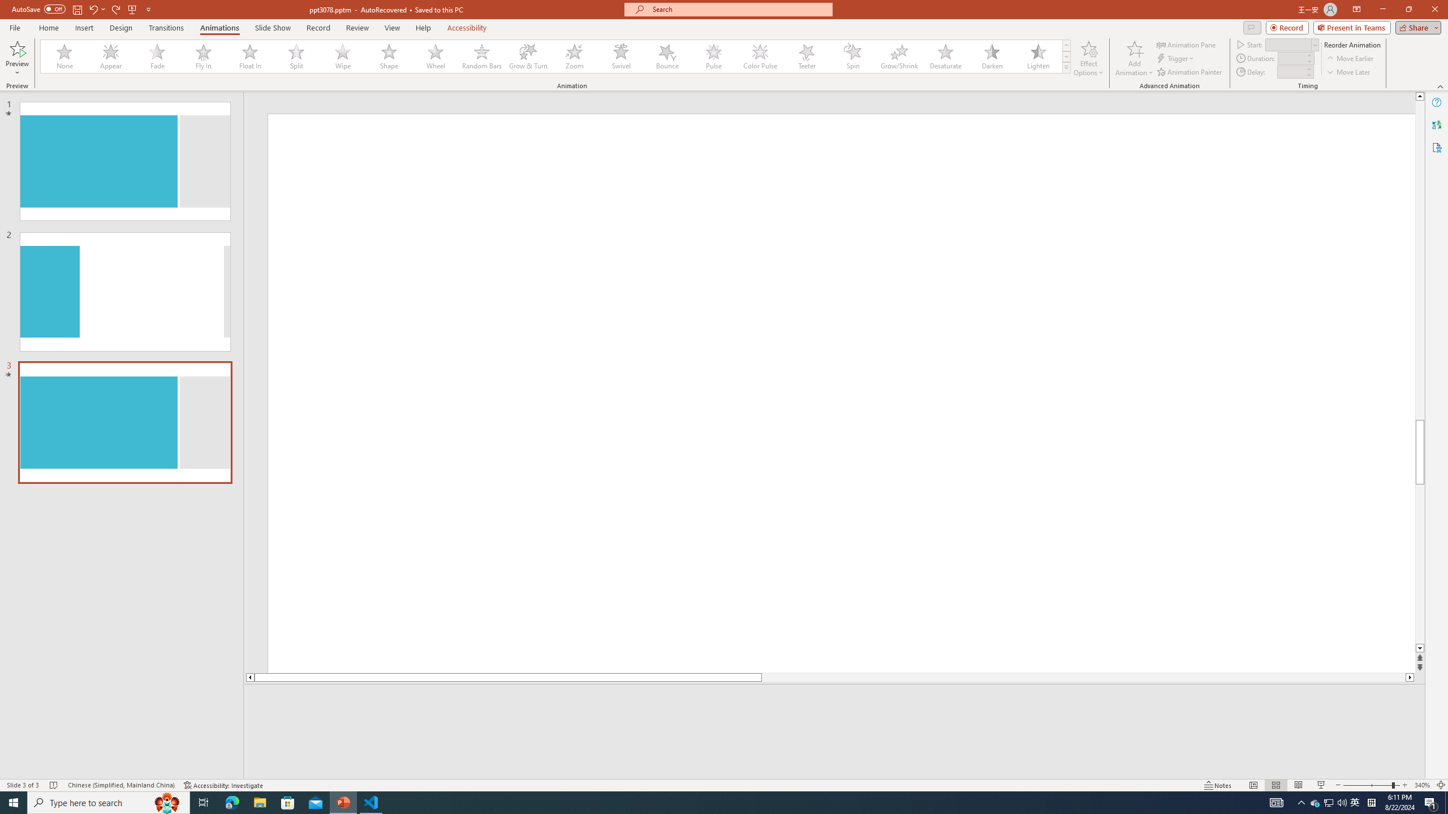 The image size is (1448, 814). What do you see at coordinates (899, 56) in the screenshot?
I see `'Grow/Shrink'` at bounding box center [899, 56].